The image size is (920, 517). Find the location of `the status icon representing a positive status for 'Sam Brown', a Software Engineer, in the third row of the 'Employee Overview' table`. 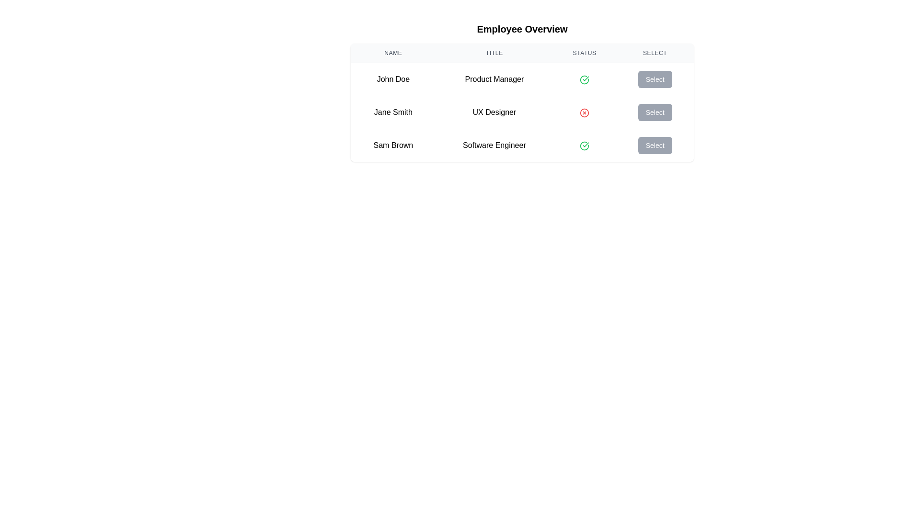

the status icon representing a positive status for 'Sam Brown', a Software Engineer, in the third row of the 'Employee Overview' table is located at coordinates (584, 79).